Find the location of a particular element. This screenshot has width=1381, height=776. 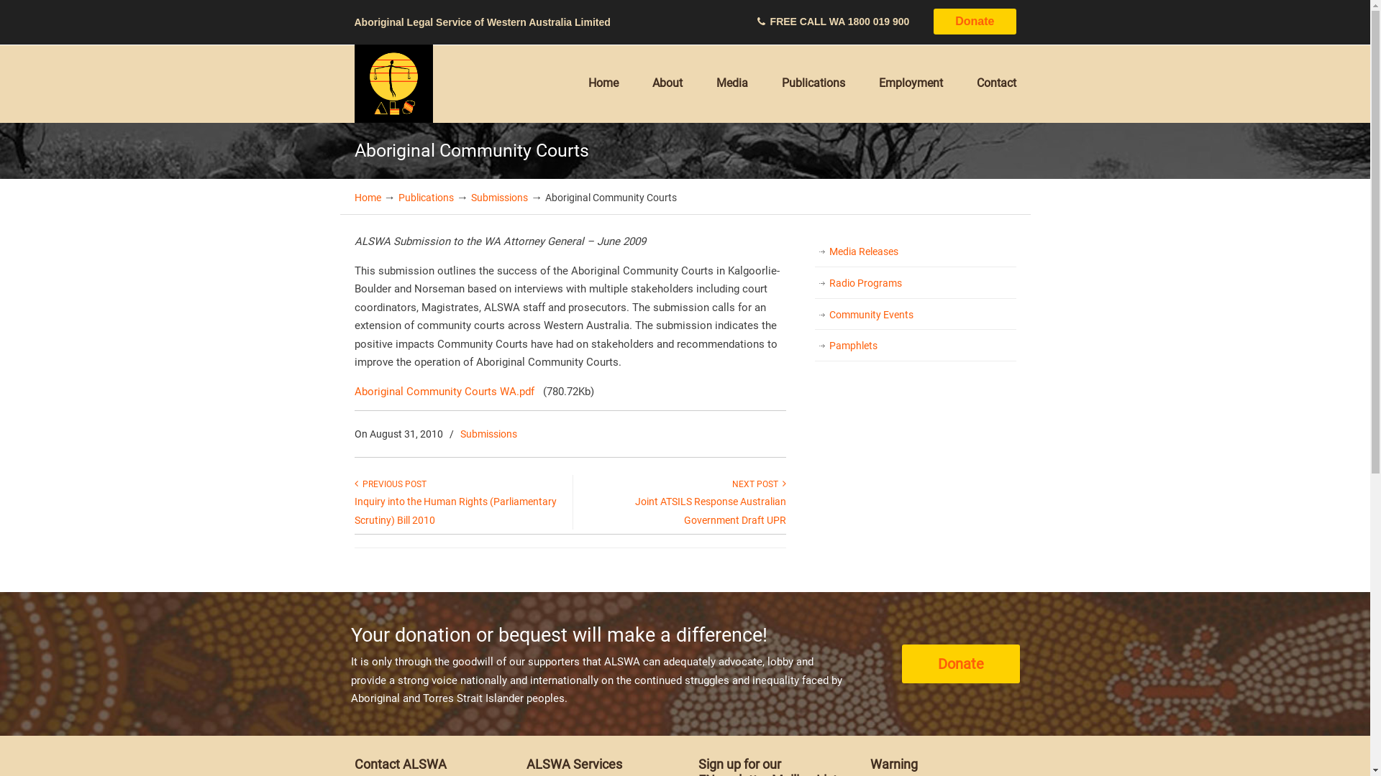

'Media Releases' is located at coordinates (814, 251).